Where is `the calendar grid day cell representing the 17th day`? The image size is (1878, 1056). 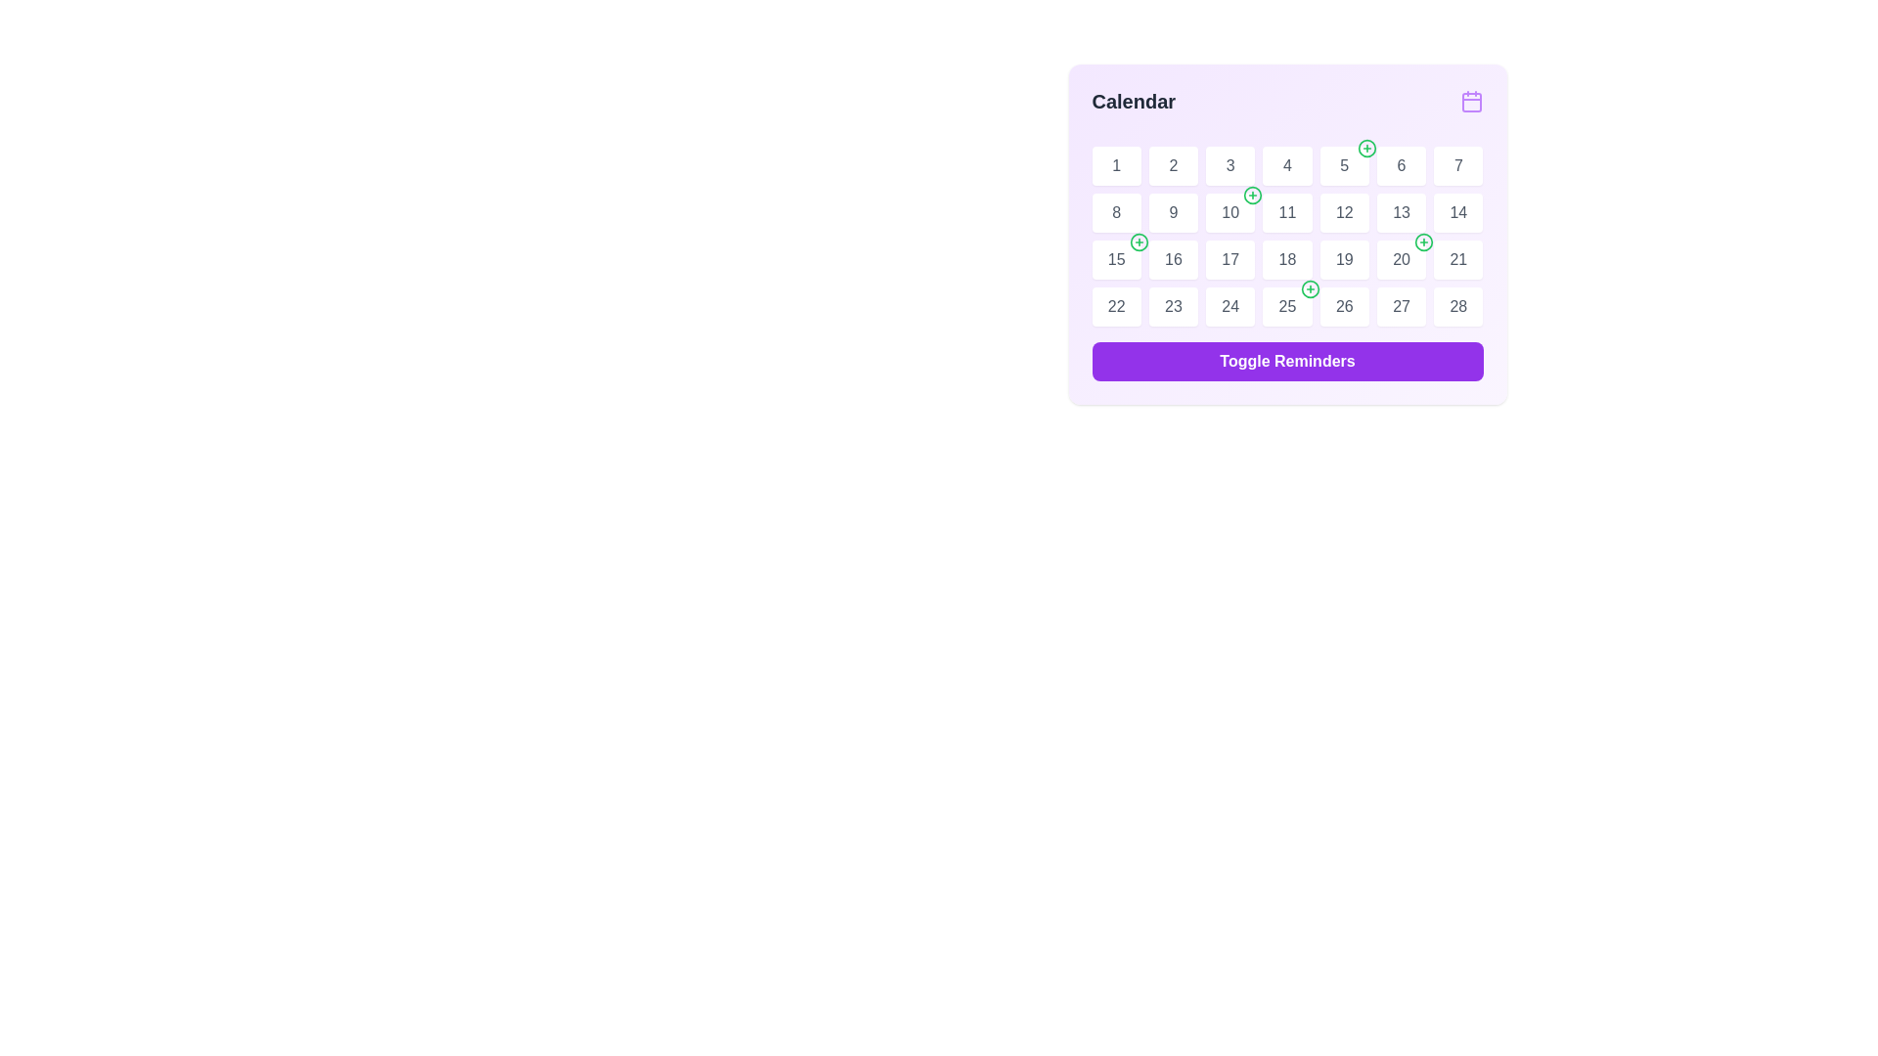 the calendar grid day cell representing the 17th day is located at coordinates (1230, 259).